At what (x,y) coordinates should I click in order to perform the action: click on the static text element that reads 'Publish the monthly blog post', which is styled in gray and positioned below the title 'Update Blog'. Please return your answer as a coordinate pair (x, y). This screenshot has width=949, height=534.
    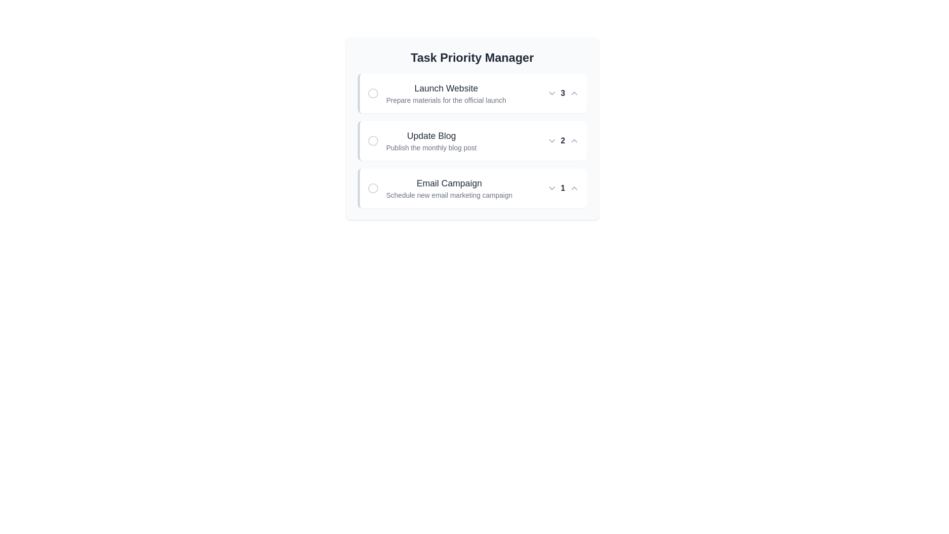
    Looking at the image, I should click on (431, 148).